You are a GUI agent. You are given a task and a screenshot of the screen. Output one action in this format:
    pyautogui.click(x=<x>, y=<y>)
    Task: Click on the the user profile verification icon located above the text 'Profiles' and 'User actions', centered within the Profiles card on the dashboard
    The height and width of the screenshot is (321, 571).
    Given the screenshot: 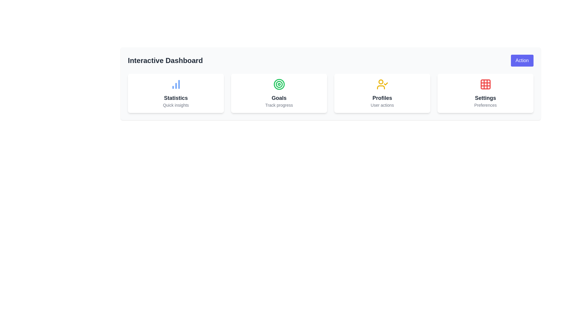 What is the action you would take?
    pyautogui.click(x=382, y=84)
    